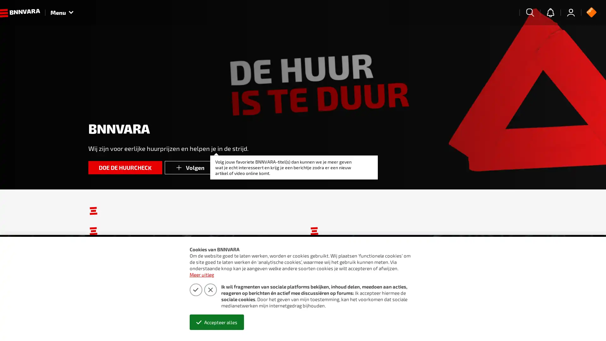 This screenshot has height=341, width=606. What do you see at coordinates (571, 12) in the screenshot?
I see `account` at bounding box center [571, 12].